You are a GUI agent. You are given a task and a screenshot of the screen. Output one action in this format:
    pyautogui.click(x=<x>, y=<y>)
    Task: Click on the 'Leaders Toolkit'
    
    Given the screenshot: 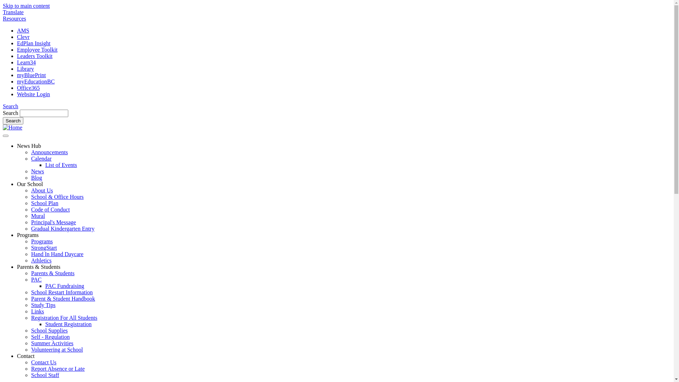 What is the action you would take?
    pyautogui.click(x=34, y=56)
    